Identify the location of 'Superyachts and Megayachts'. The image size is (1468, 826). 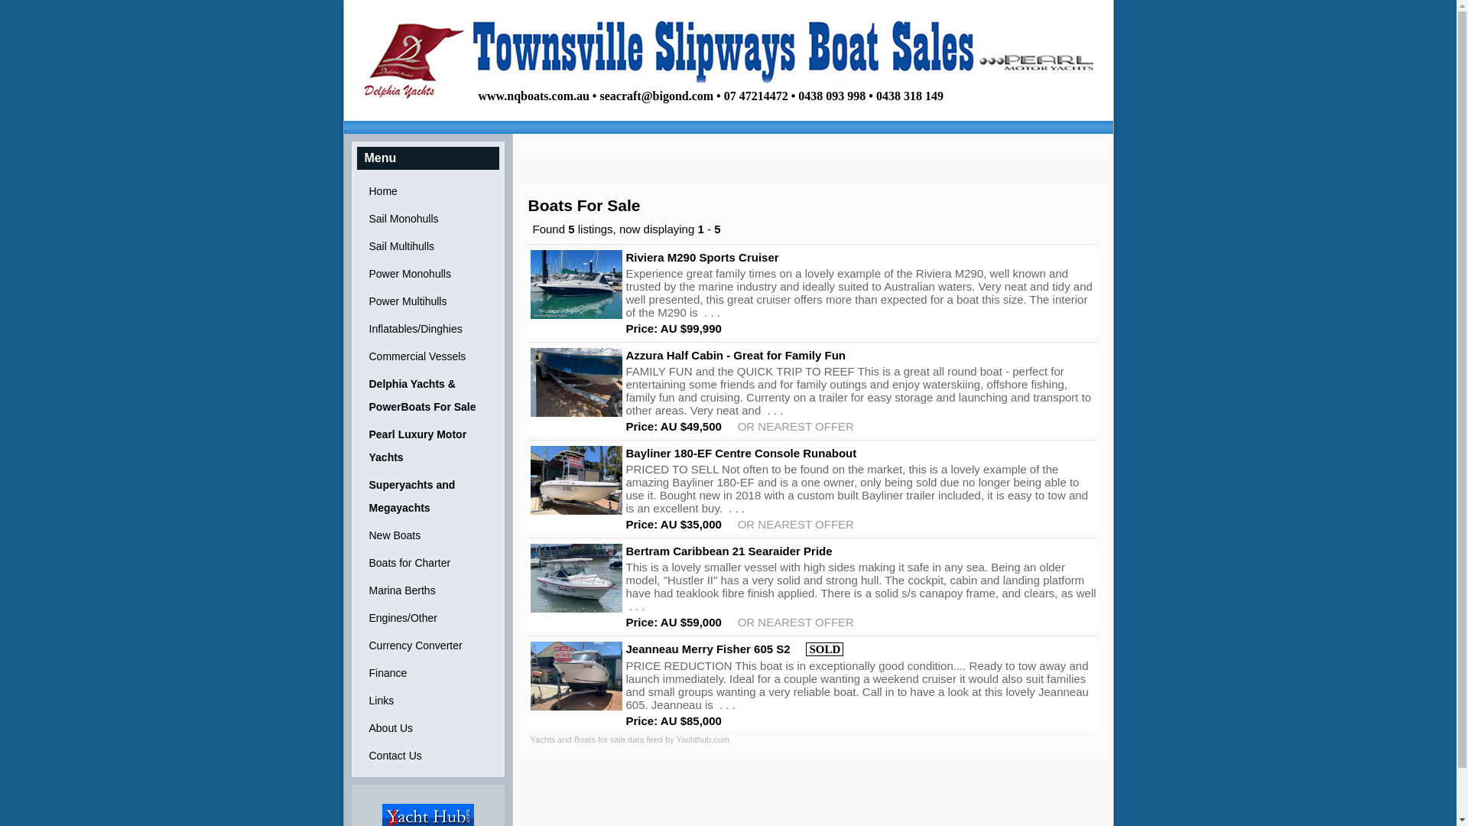
(428, 496).